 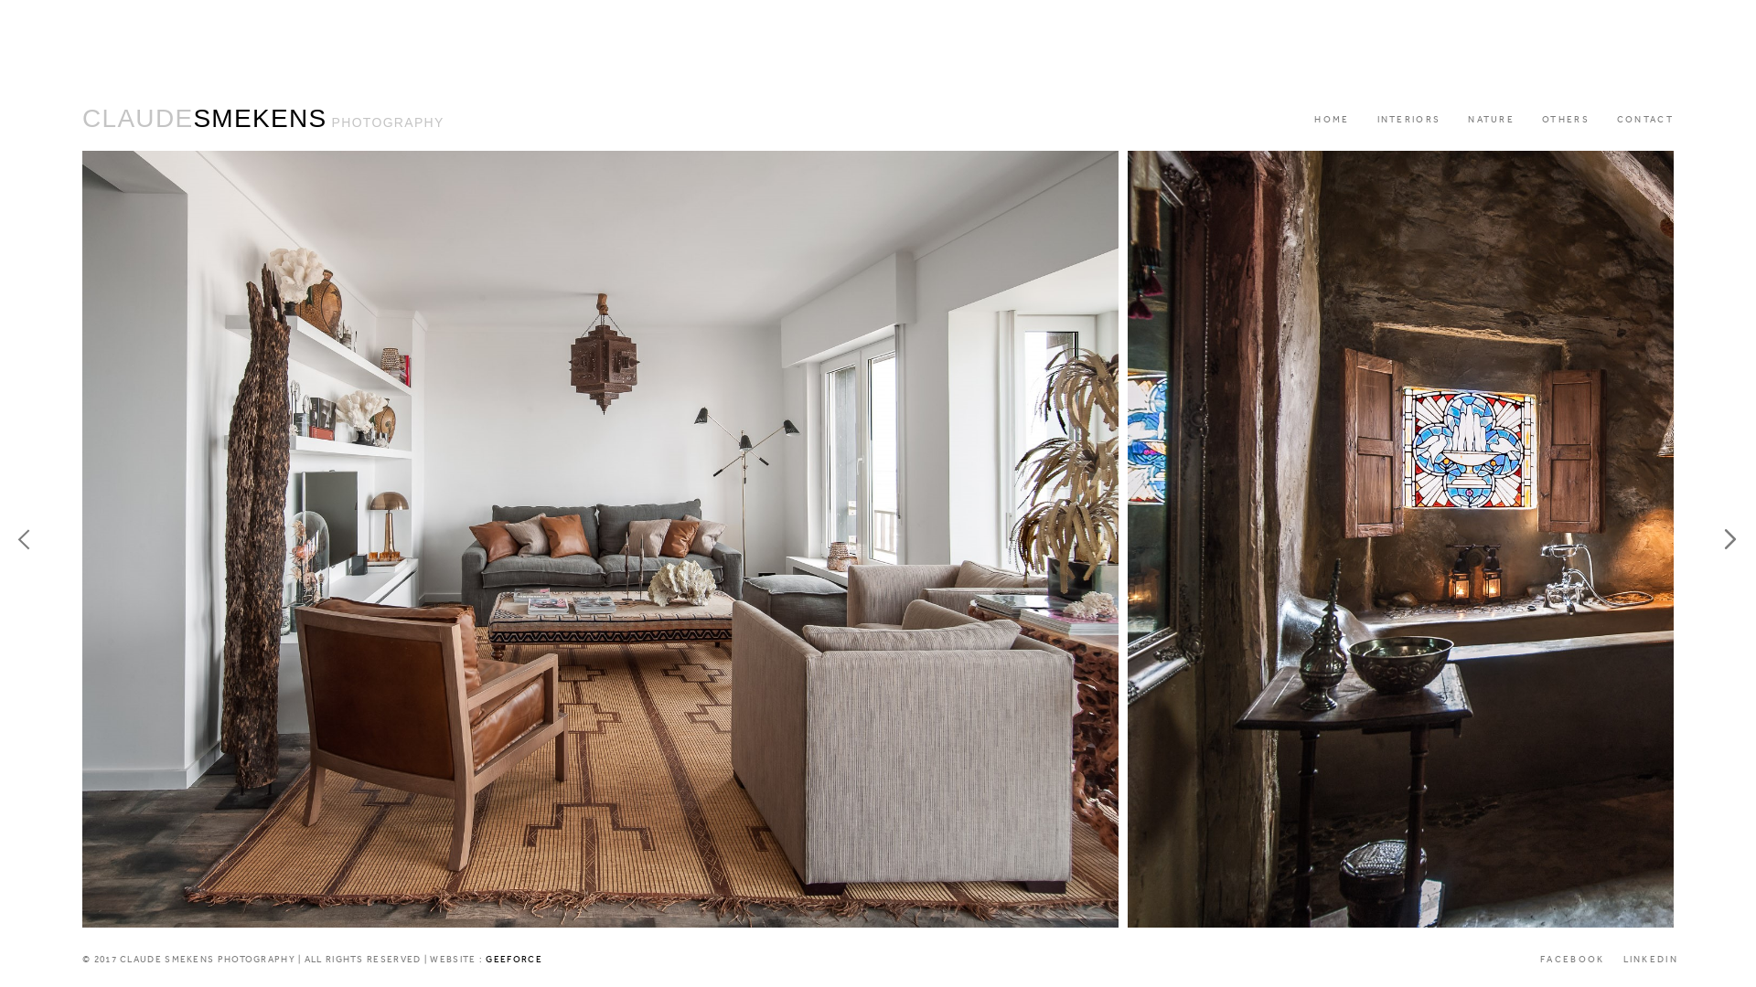 What do you see at coordinates (1491, 120) in the screenshot?
I see `'NATURE'` at bounding box center [1491, 120].